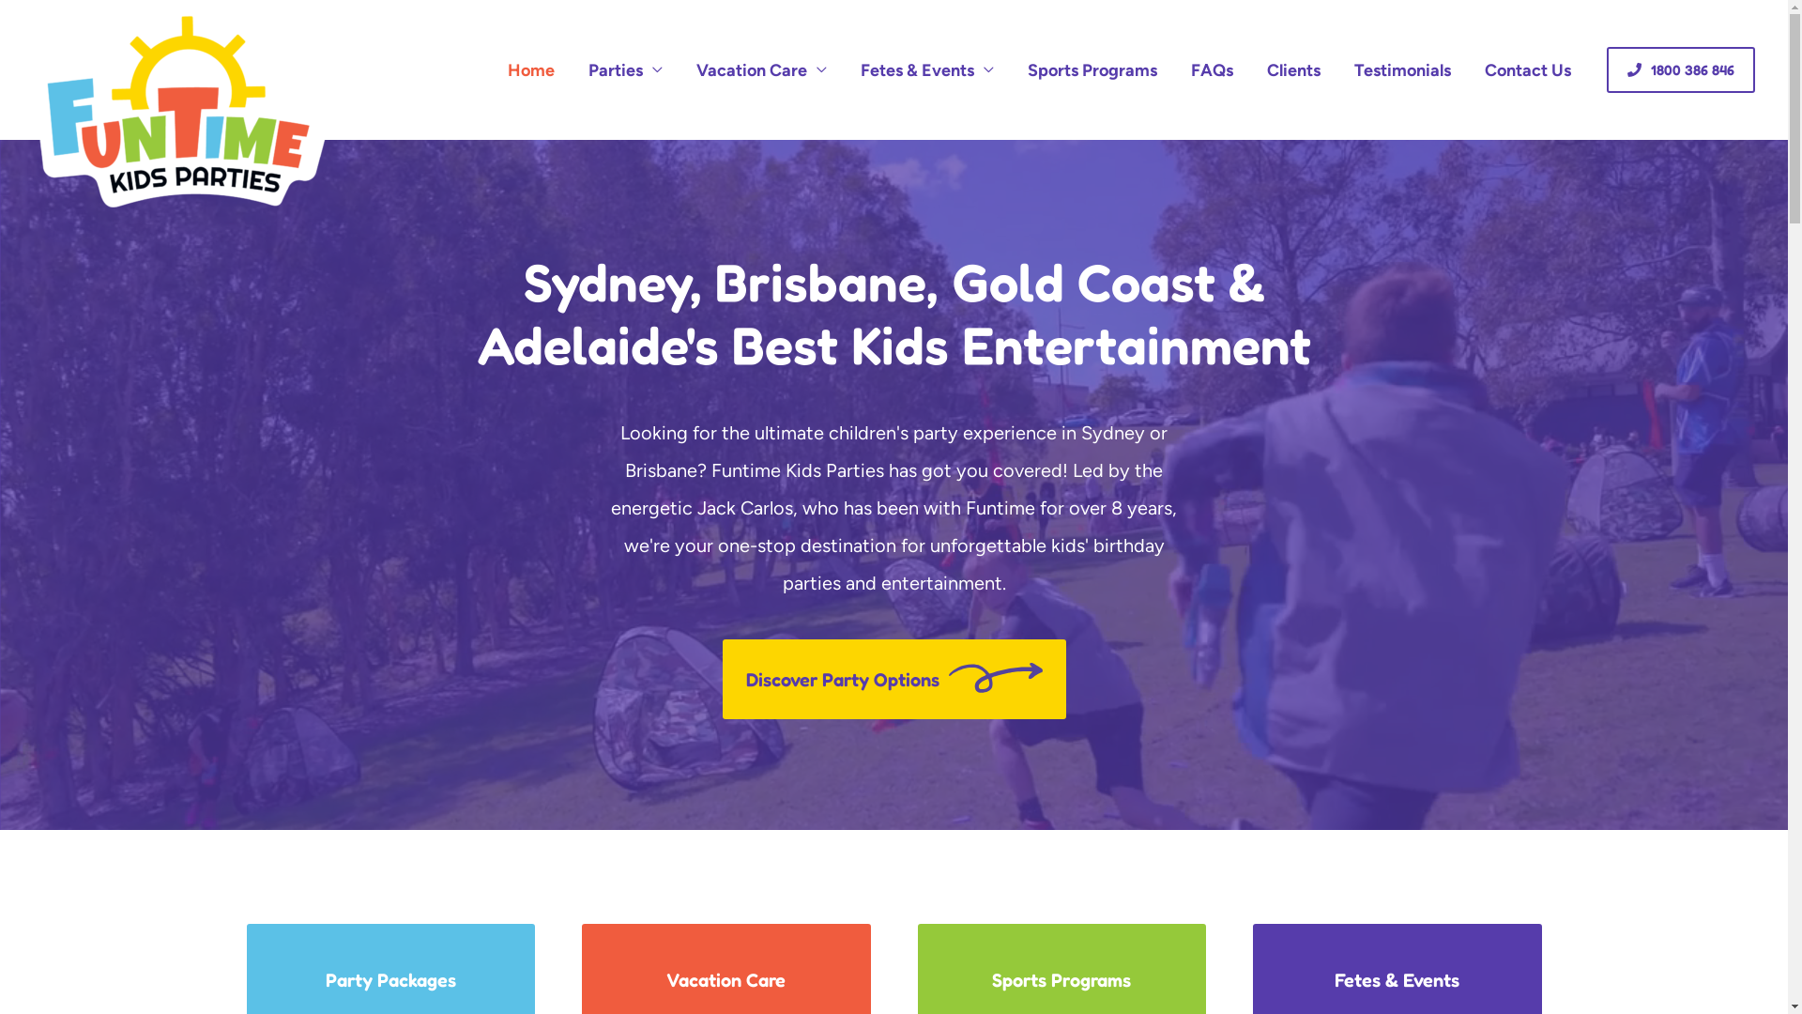 Image resolution: width=1802 pixels, height=1014 pixels. Describe the element at coordinates (530, 69) in the screenshot. I see `'Home'` at that location.